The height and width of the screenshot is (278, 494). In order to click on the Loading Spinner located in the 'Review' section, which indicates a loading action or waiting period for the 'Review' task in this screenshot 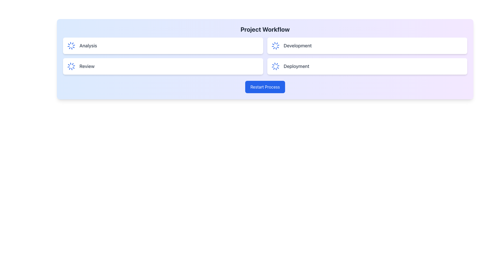, I will do `click(71, 66)`.